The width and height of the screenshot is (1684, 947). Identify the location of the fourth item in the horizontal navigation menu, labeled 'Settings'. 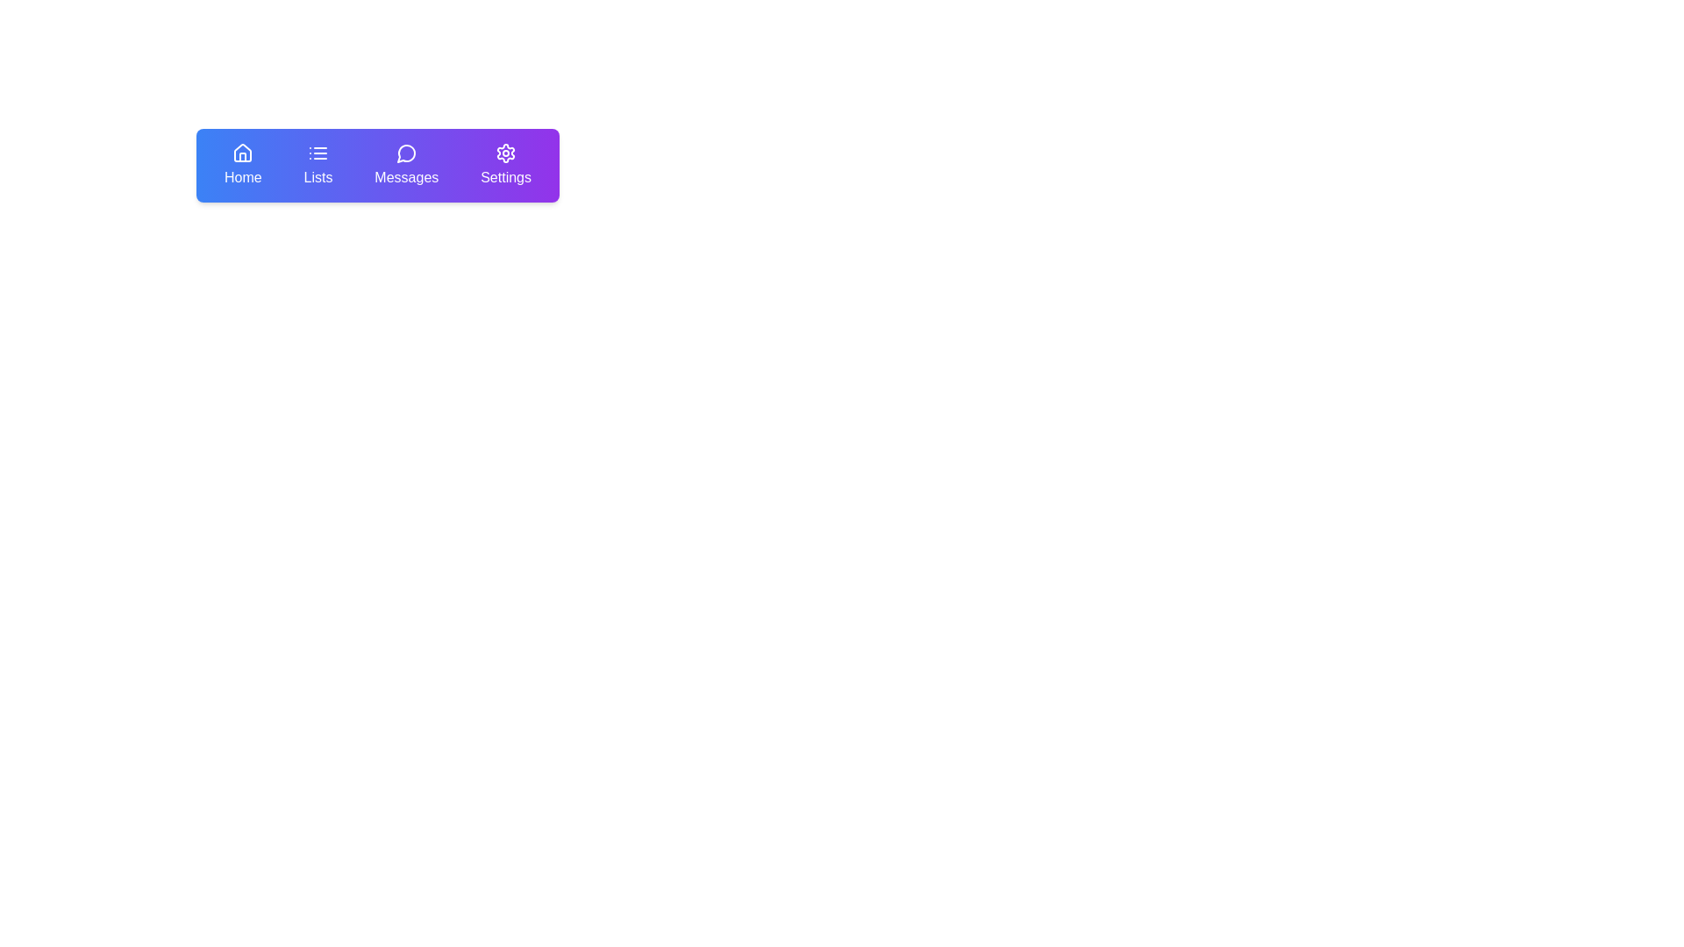
(505, 166).